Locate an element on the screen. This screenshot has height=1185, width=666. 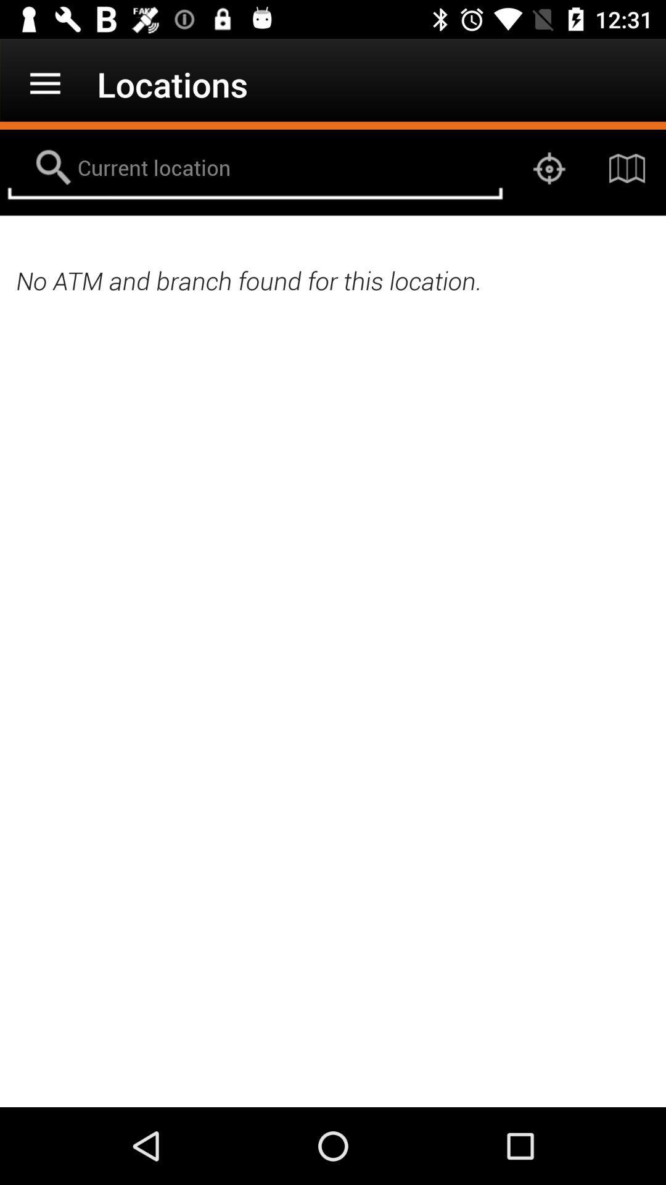
the book icon is located at coordinates (627, 168).